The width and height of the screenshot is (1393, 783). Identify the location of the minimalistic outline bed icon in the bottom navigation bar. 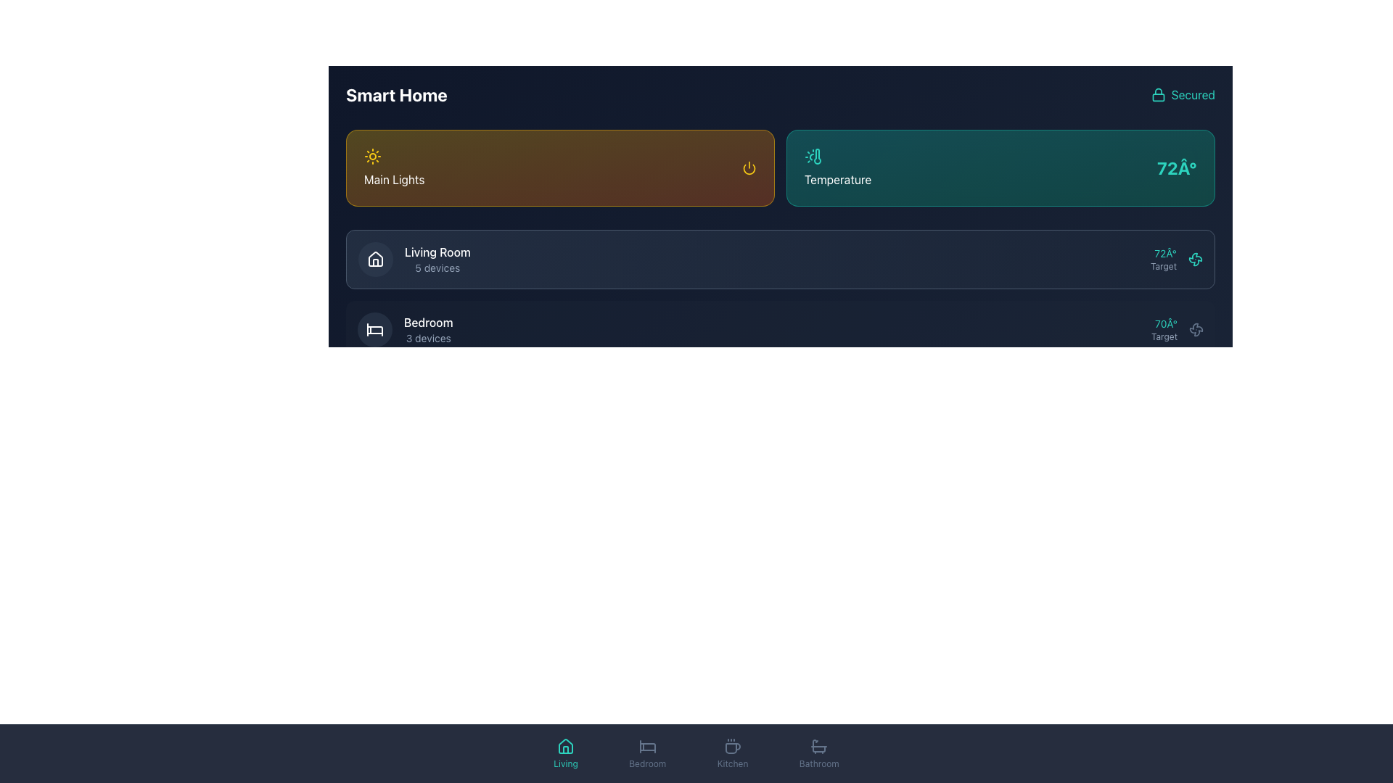
(646, 746).